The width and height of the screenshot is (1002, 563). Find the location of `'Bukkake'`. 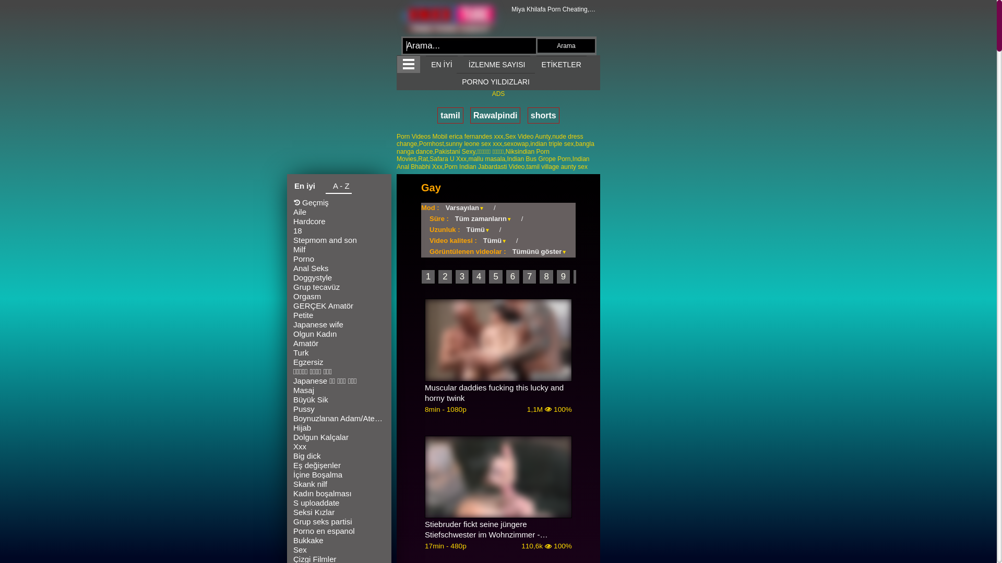

'Bukkake' is located at coordinates (292, 540).